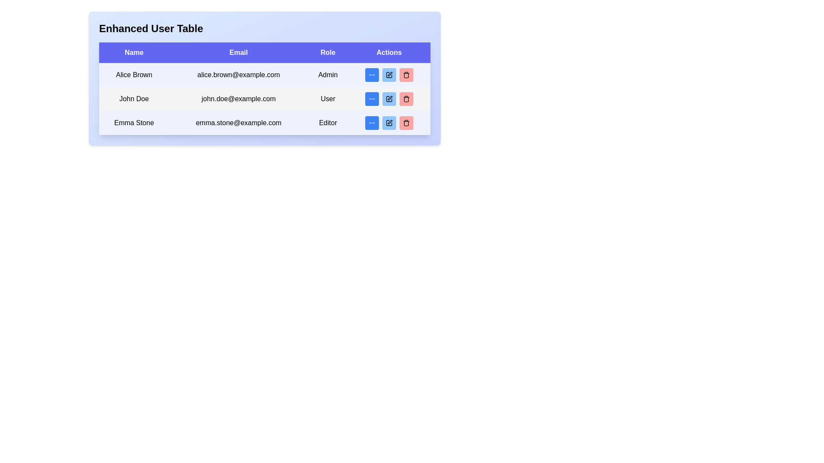 This screenshot has width=824, height=463. What do you see at coordinates (388, 123) in the screenshot?
I see `the edit icon button located in the third row of the table` at bounding box center [388, 123].